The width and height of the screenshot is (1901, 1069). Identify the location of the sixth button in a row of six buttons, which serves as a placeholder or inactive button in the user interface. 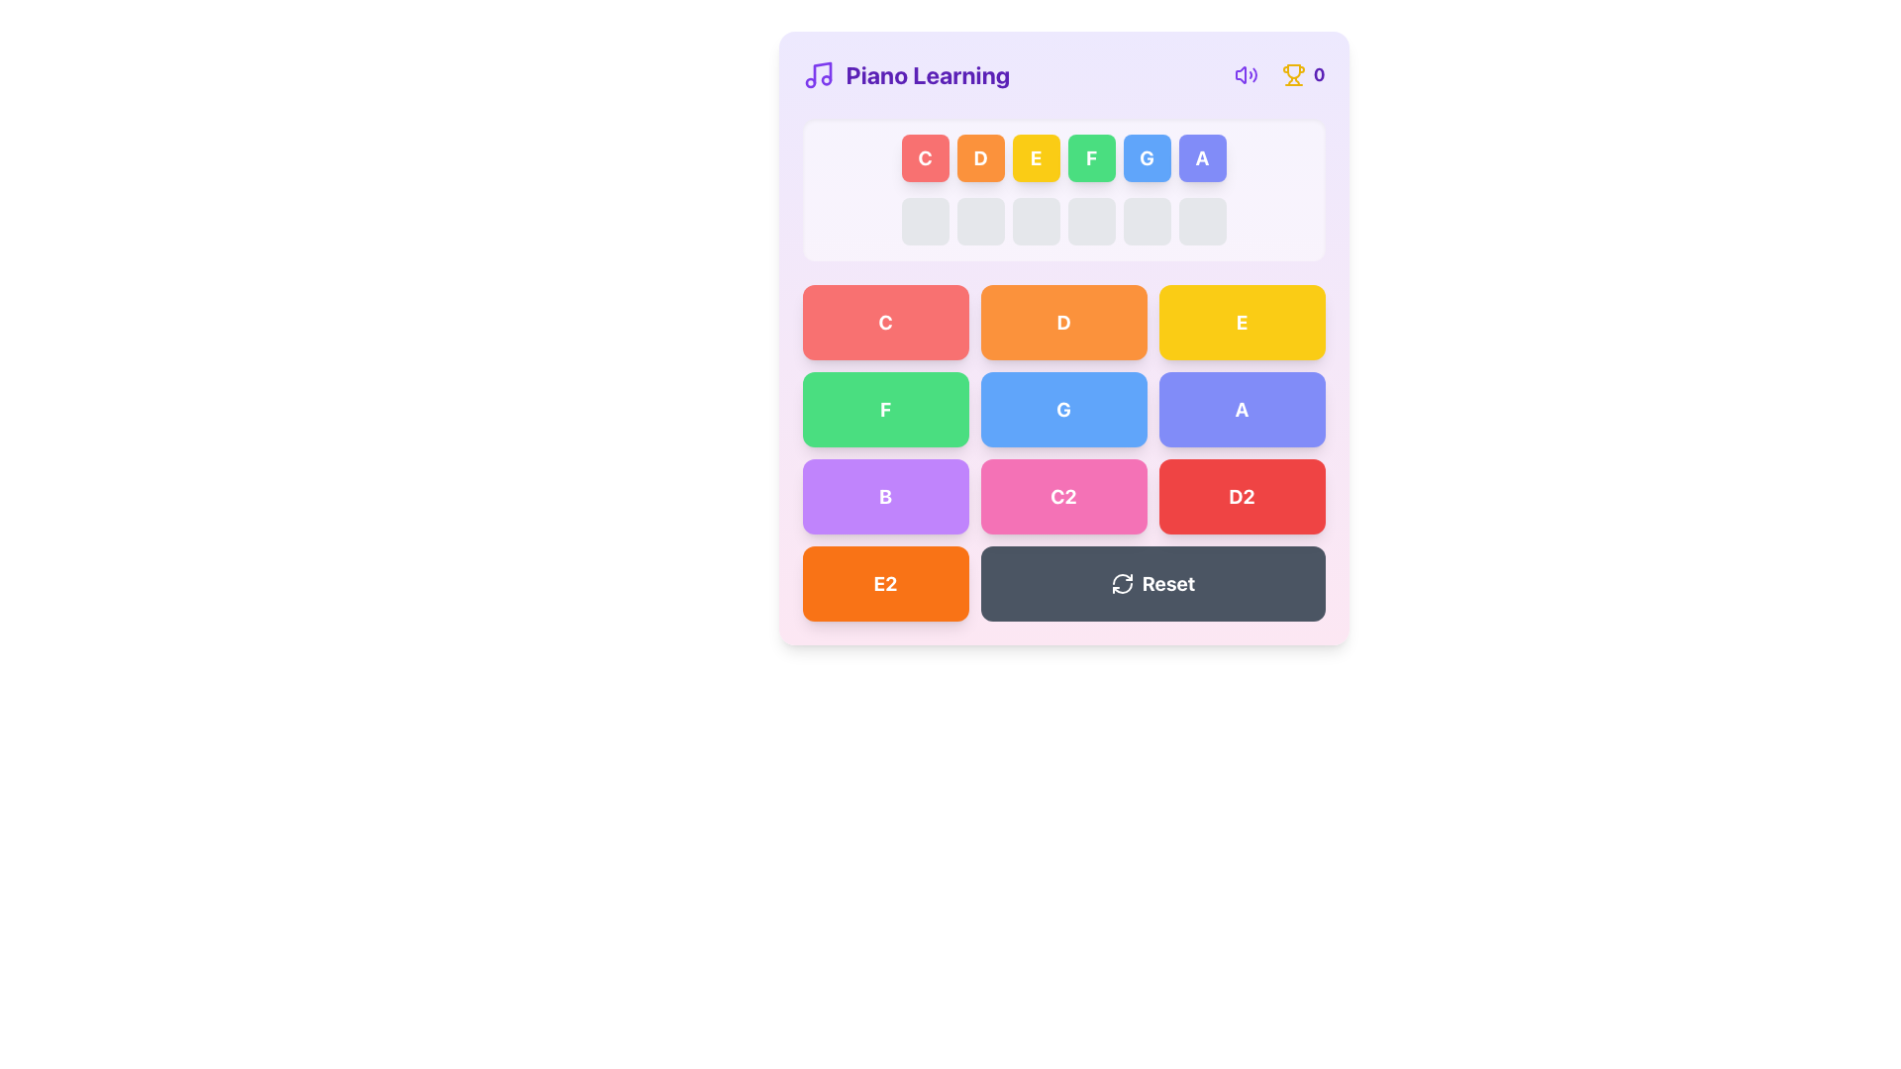
(1201, 221).